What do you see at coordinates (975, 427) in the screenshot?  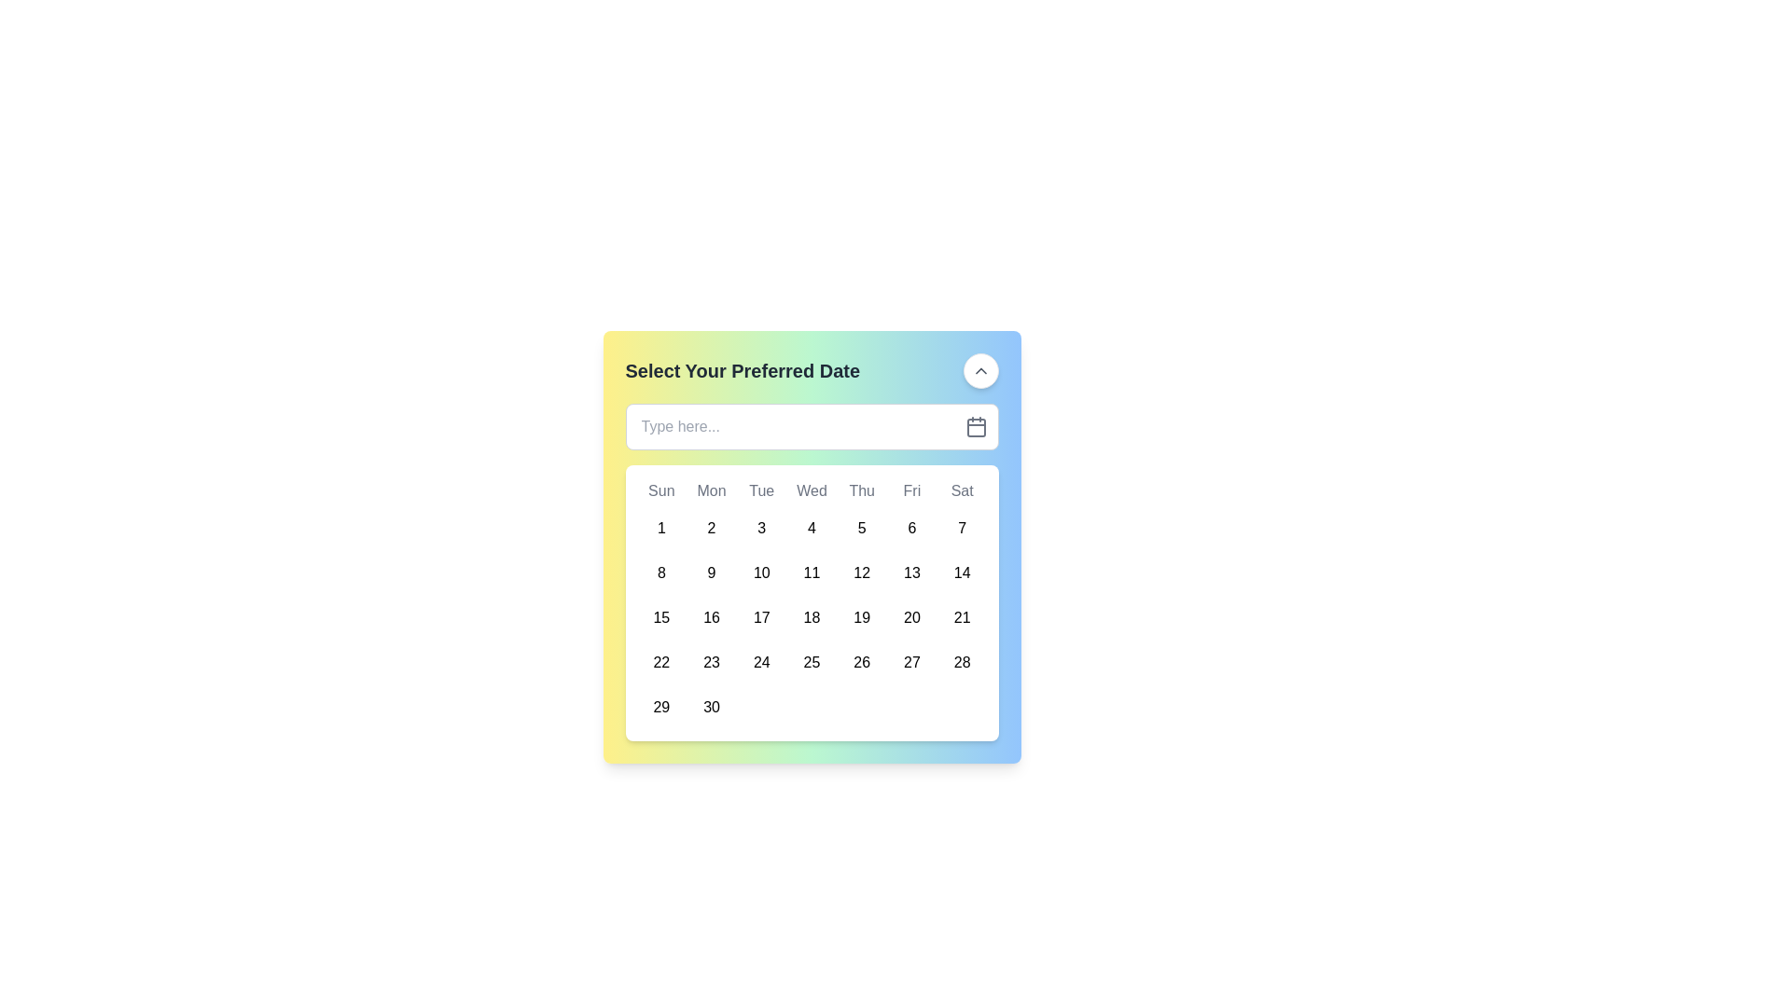 I see `the calendar icon button located on the far right side of the rectangular text input field` at bounding box center [975, 427].